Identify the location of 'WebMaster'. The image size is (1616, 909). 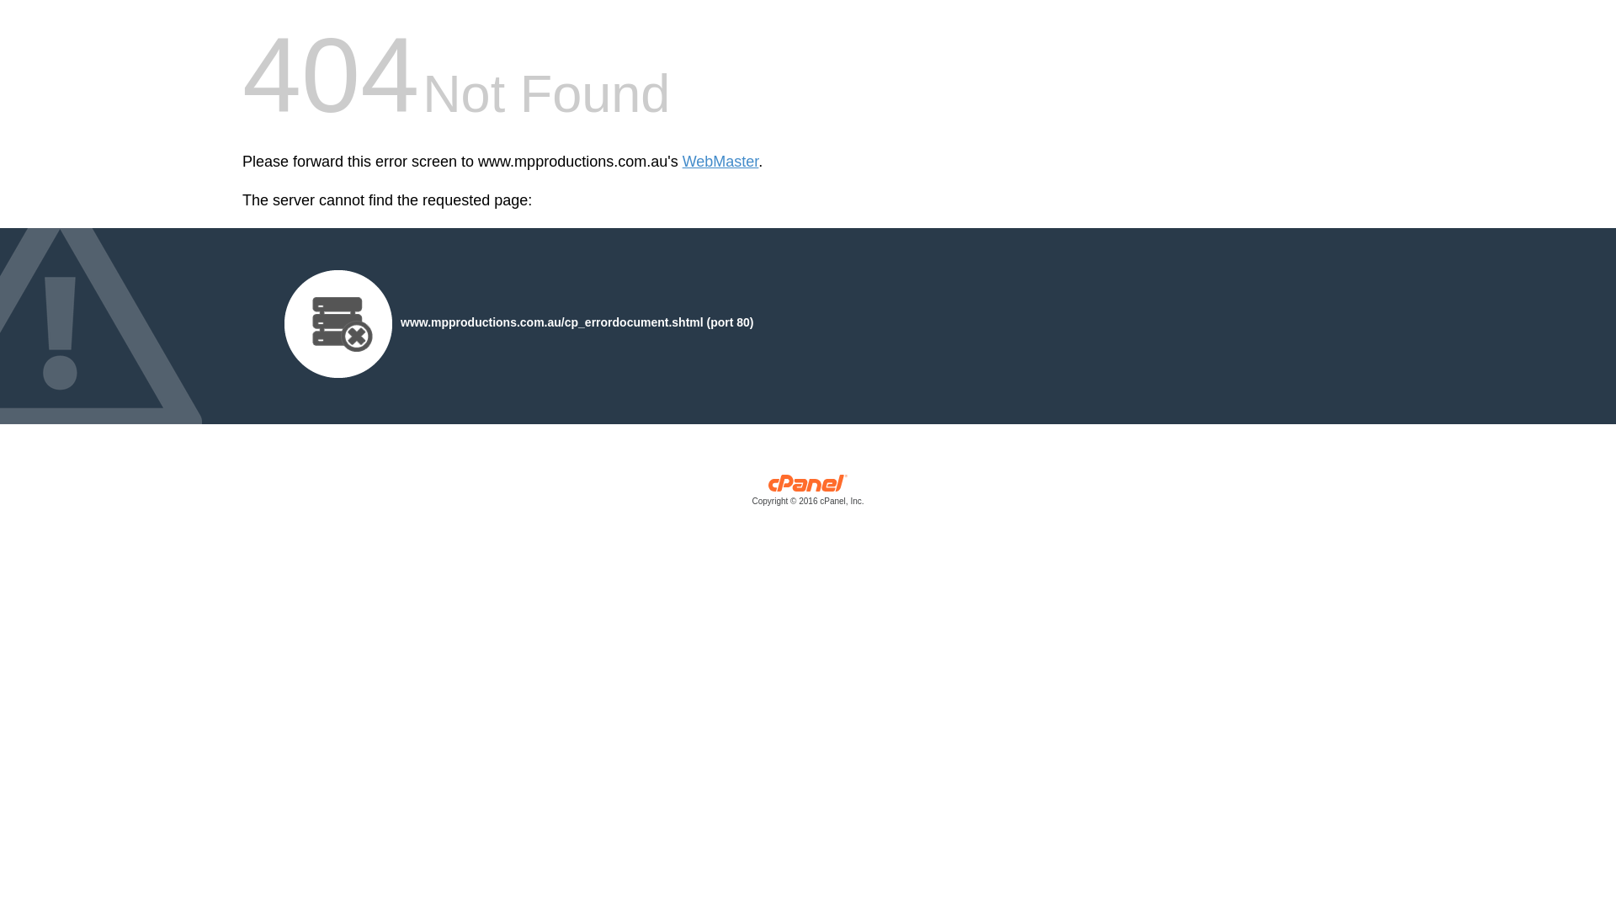
(720, 162).